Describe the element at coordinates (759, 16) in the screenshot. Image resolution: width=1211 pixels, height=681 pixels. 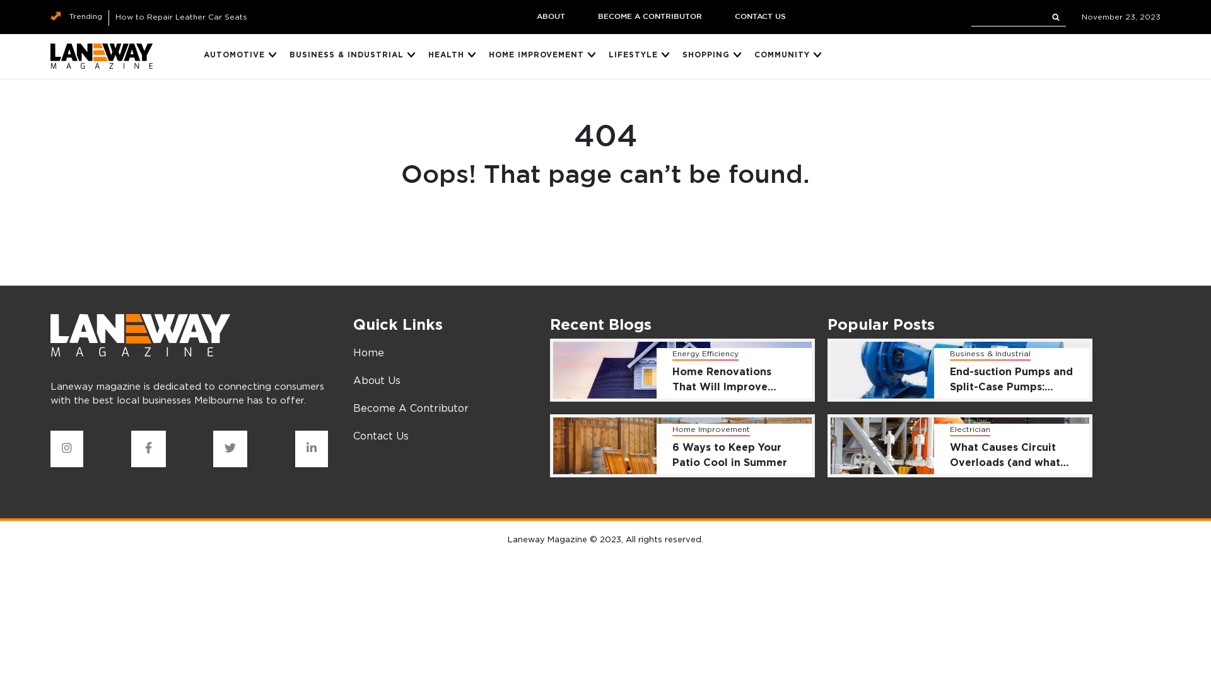
I see `'CONTACT US'` at that location.